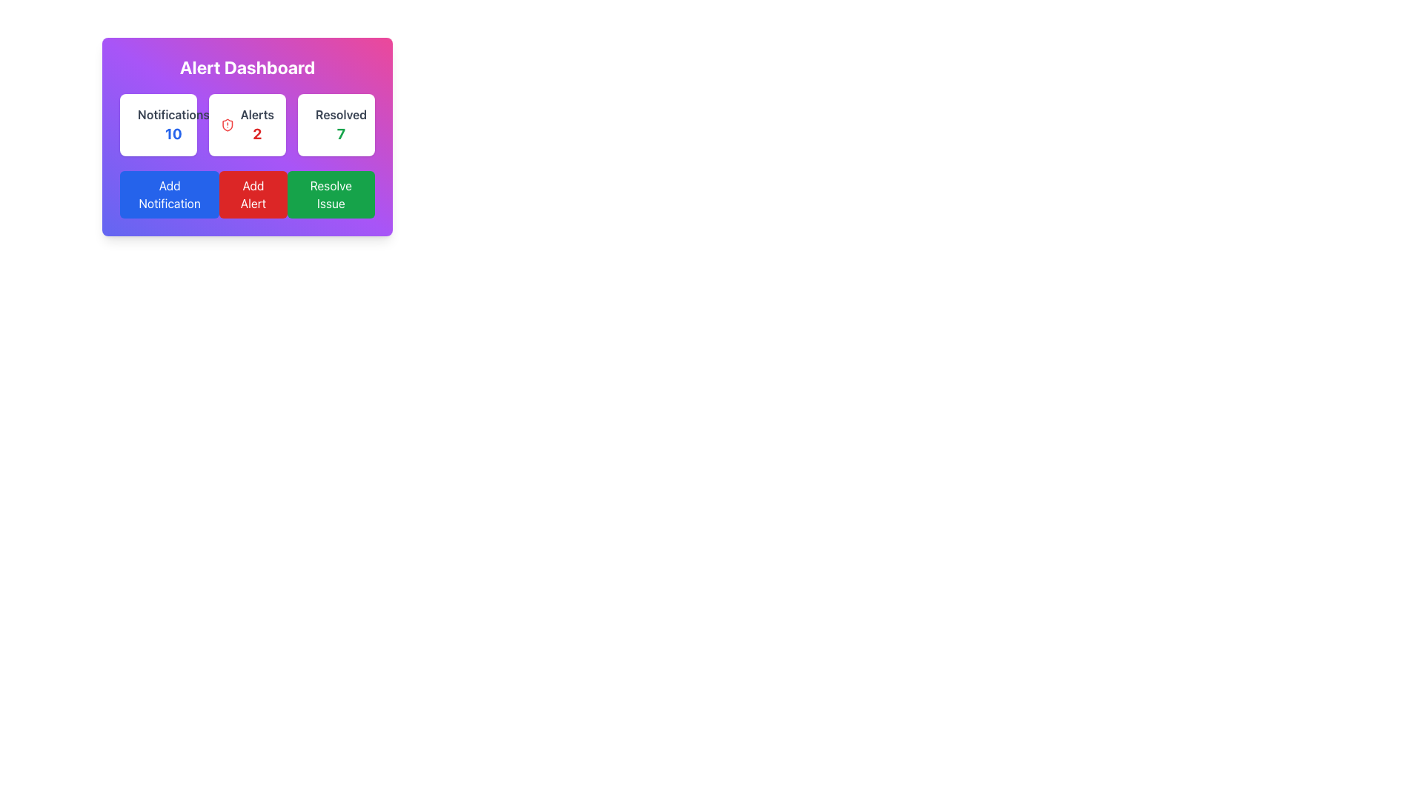 This screenshot has width=1423, height=800. What do you see at coordinates (330, 193) in the screenshot?
I see `the third button labeled for resolving issues in the 'Alert Dashboard'` at bounding box center [330, 193].